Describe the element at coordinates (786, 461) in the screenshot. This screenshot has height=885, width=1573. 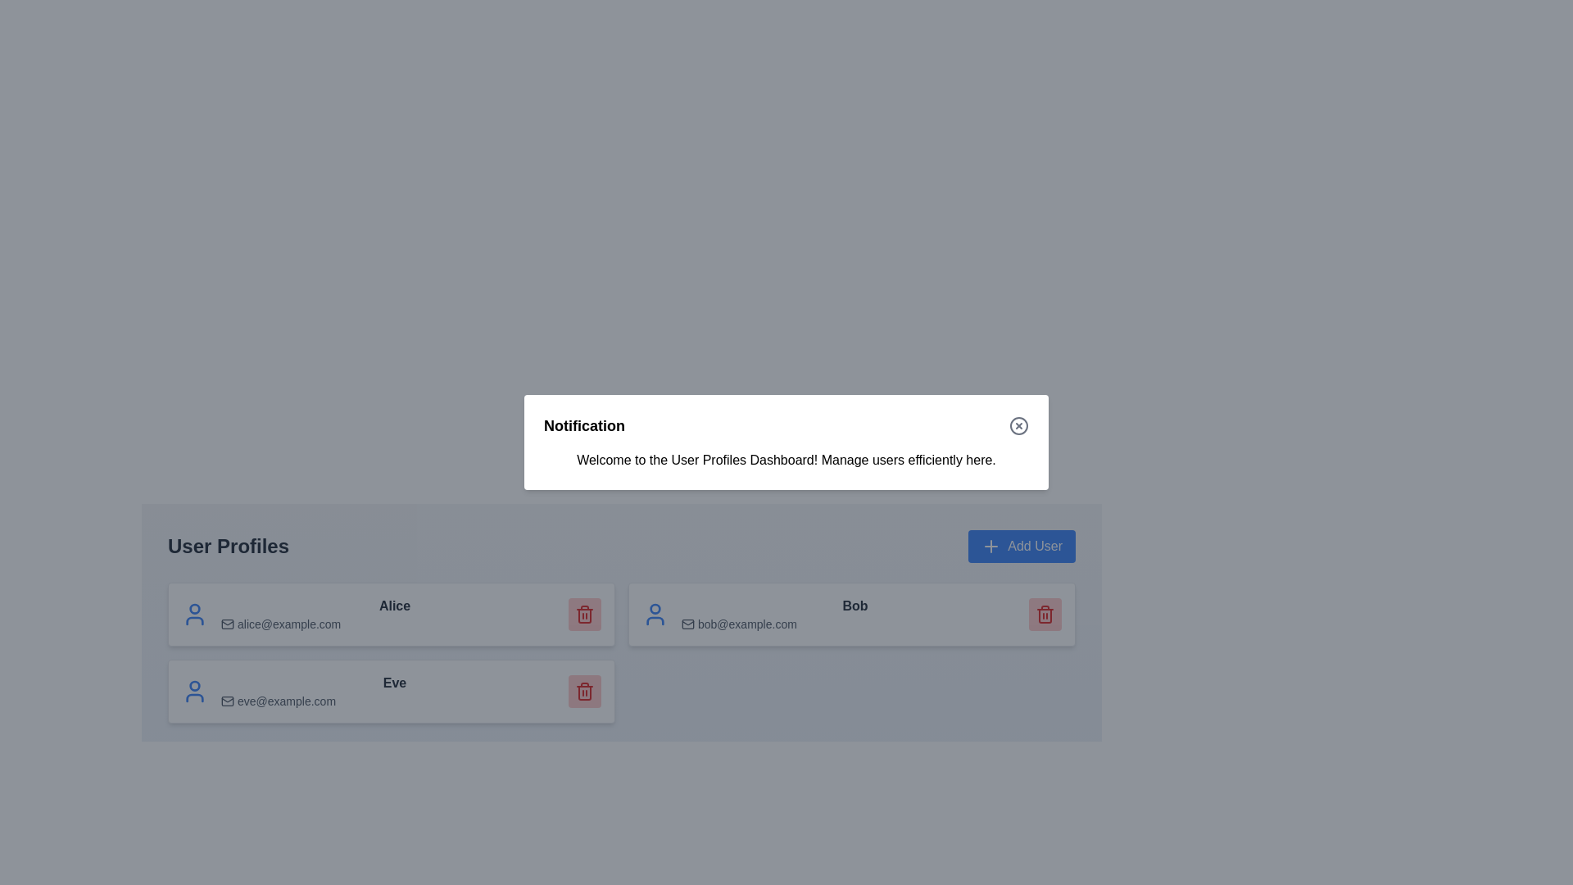
I see `informational text that says 'Welcome to the User Profiles Dashboard! Manage users efficiently here.' located in the notification box at the center-top part of the page` at that location.